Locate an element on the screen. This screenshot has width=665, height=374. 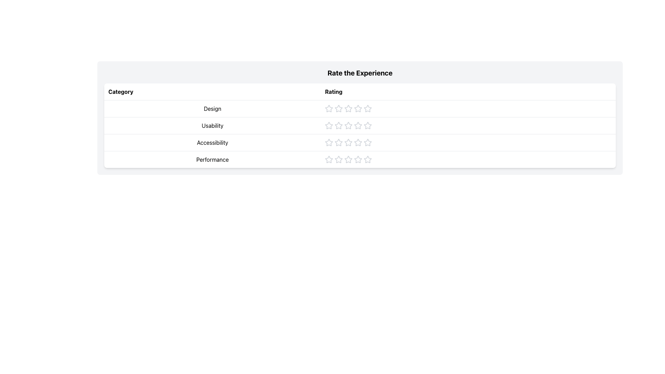
the first interactive star icon in the 'Usability' row under the 'Rate the Experience' table is located at coordinates (329, 125).